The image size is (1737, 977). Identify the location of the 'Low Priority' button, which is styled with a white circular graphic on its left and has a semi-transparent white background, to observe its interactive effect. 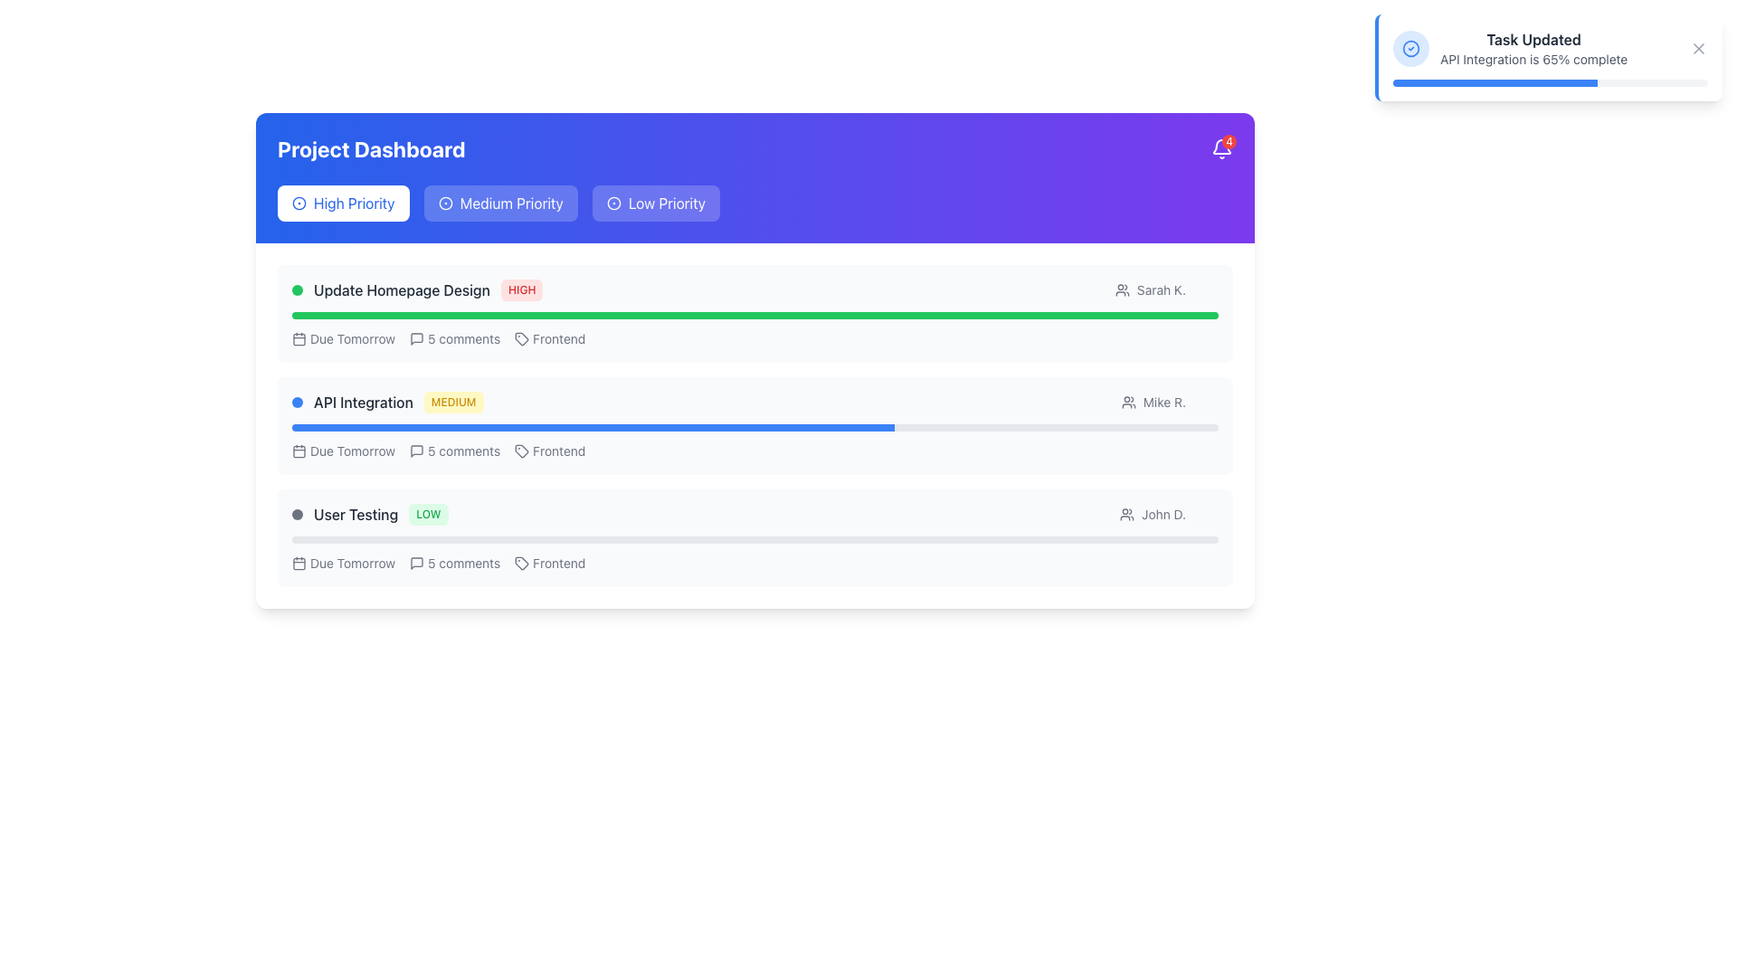
(655, 203).